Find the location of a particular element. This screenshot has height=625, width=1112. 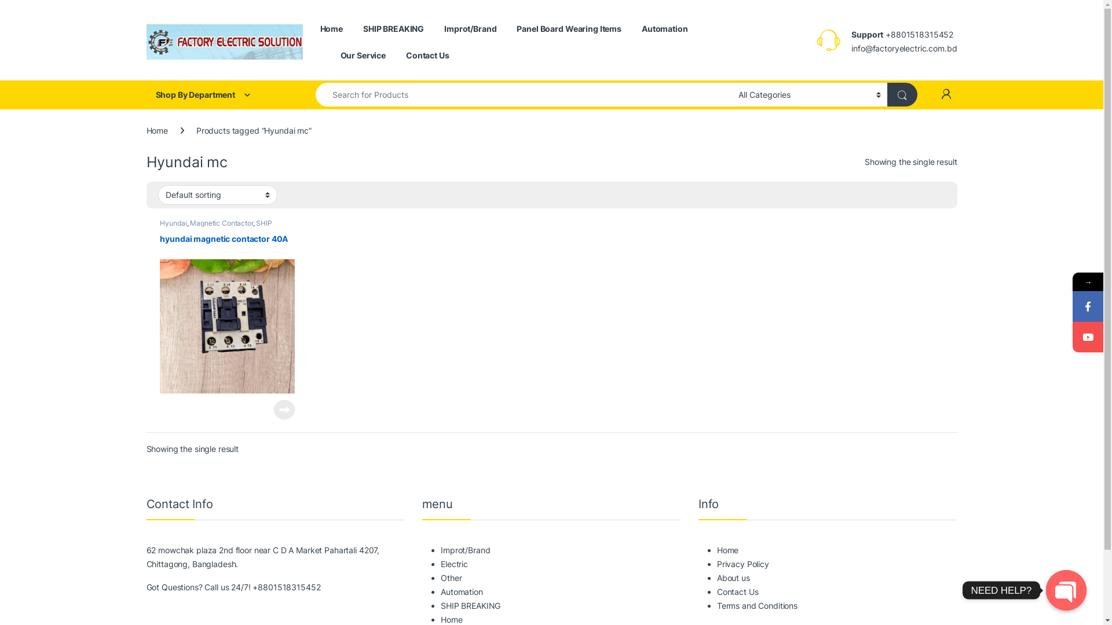

'YouTube' is located at coordinates (1087, 337).